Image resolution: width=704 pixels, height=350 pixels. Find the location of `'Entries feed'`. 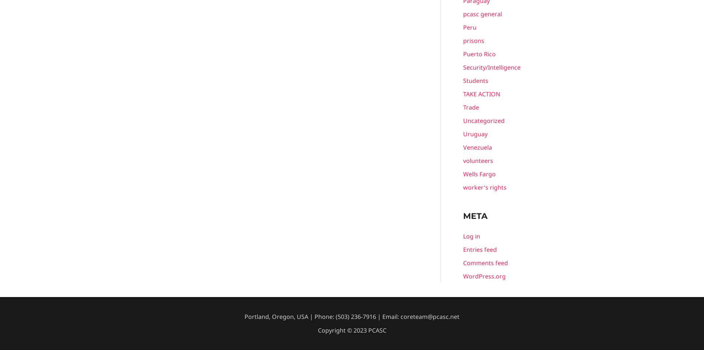

'Entries feed' is located at coordinates (463, 249).